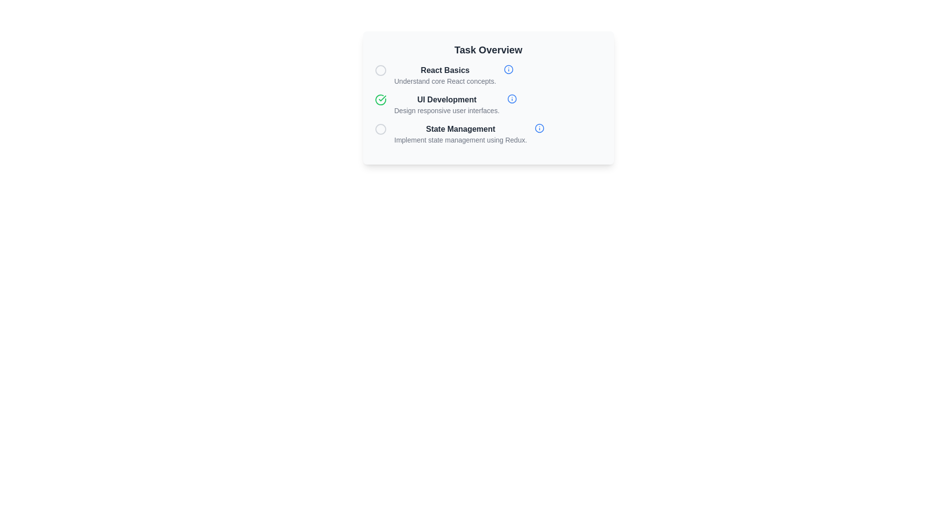  What do you see at coordinates (460, 140) in the screenshot?
I see `text of the Text Label located below the 'State Management' header, which provides additional context about the task` at bounding box center [460, 140].